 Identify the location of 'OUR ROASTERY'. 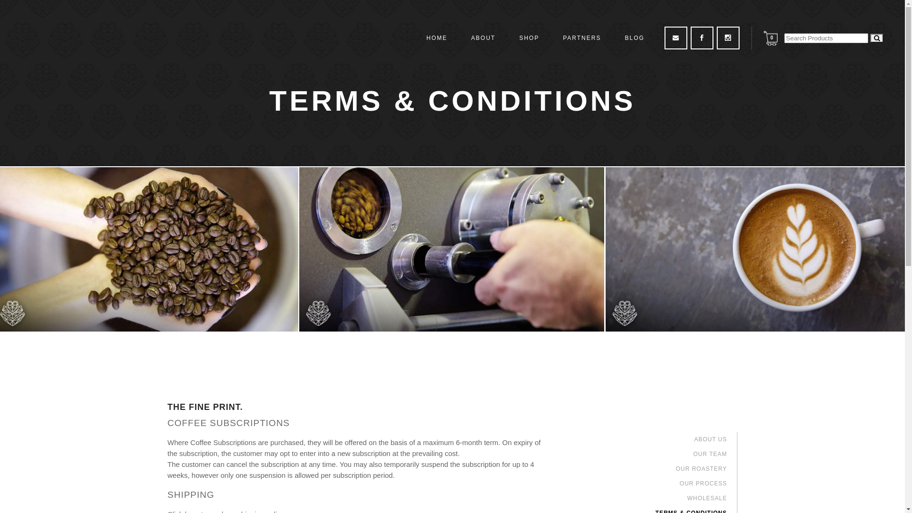
(702, 468).